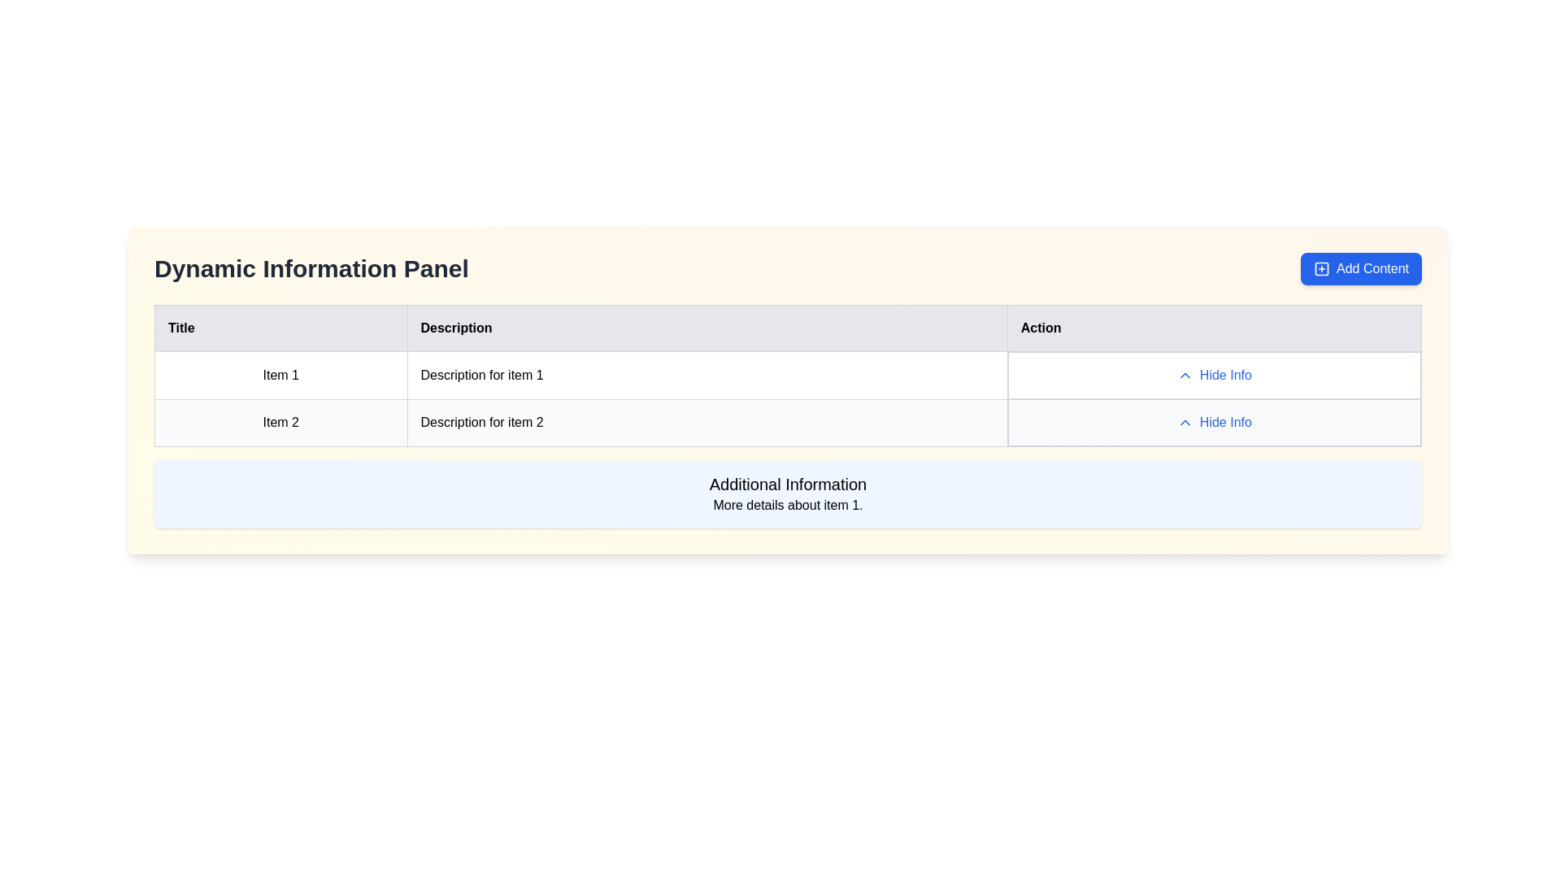 Image resolution: width=1561 pixels, height=878 pixels. I want to click on the 'Hide Info' link in the second row of the data table, which has a light gray background and contains the title 'Item 2' and the description 'Description for item 2', so click(788, 422).